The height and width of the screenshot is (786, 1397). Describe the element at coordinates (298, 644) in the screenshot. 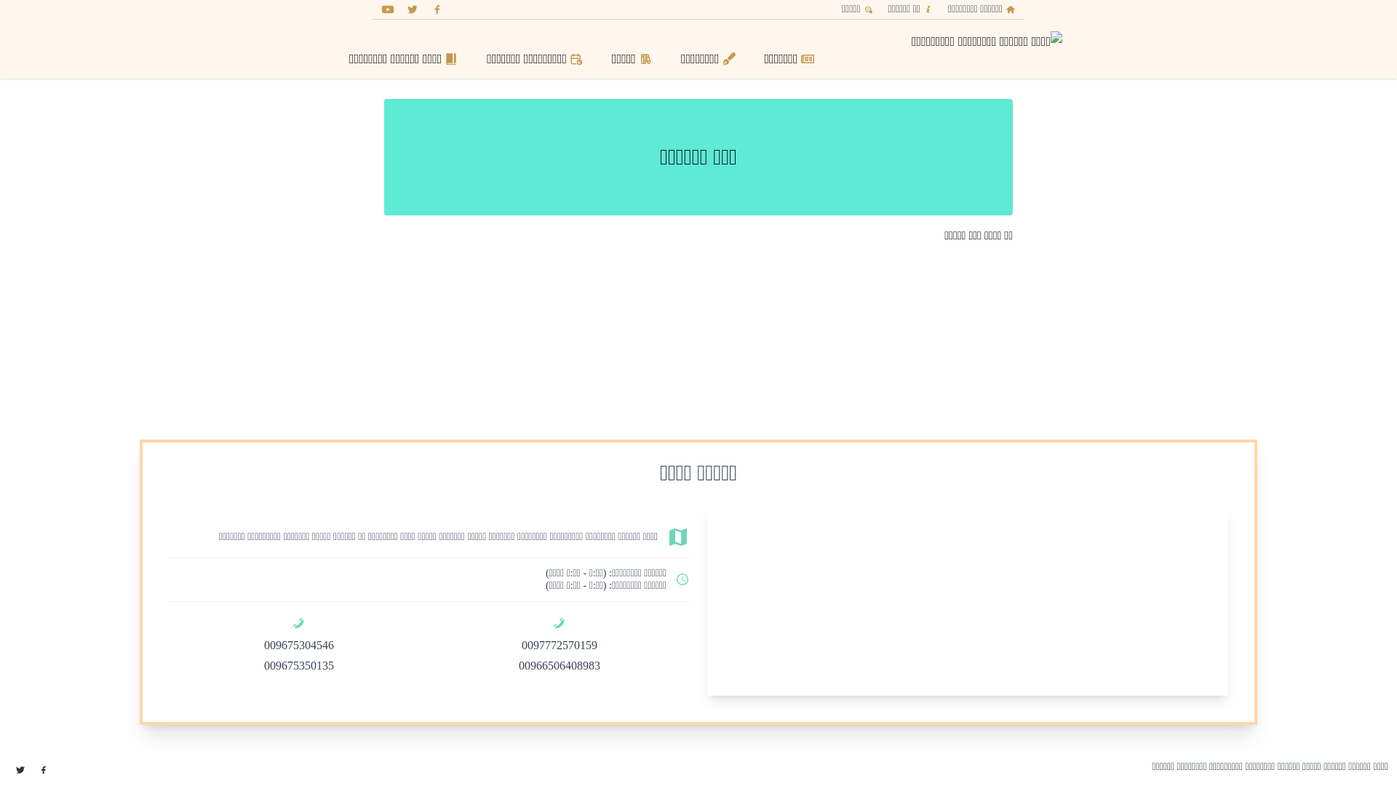

I see `'009675304546'` at that location.